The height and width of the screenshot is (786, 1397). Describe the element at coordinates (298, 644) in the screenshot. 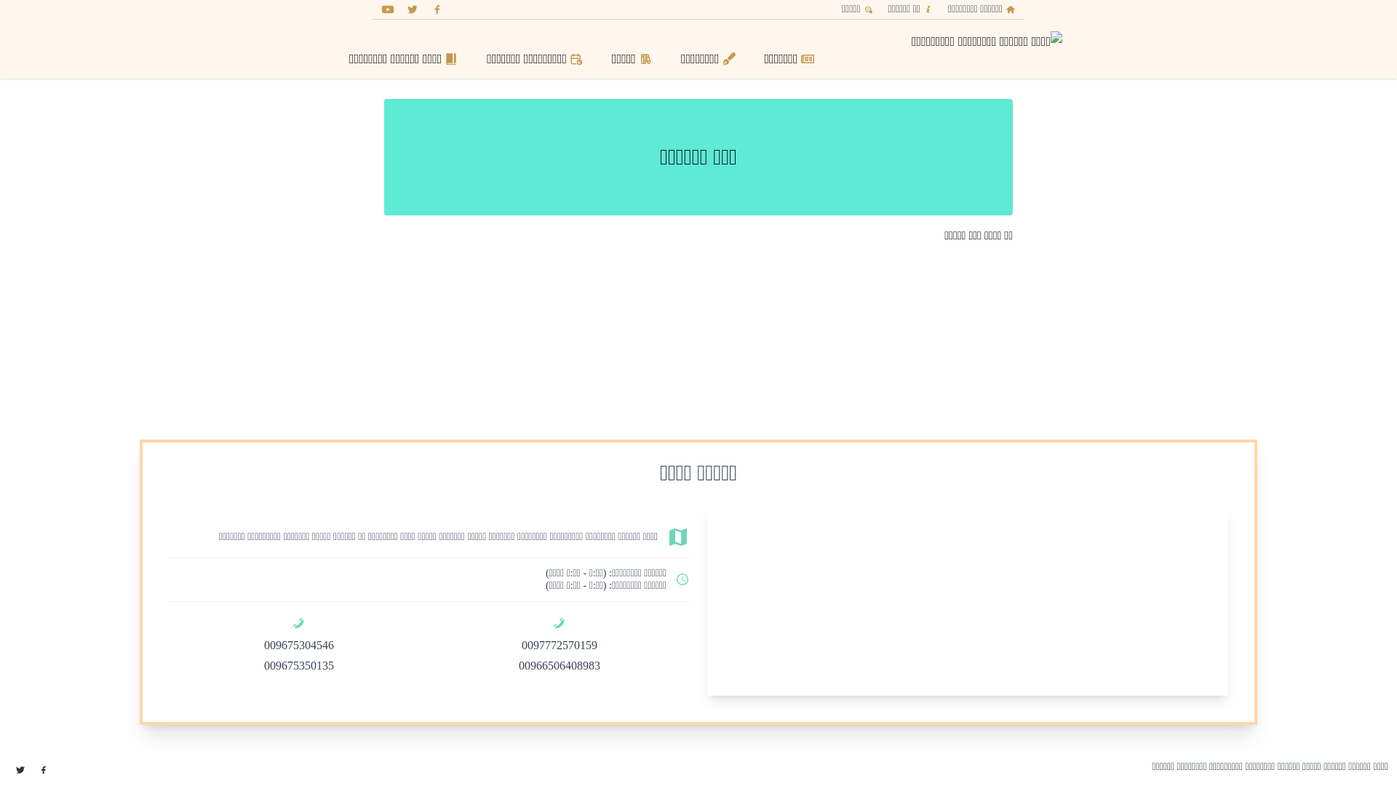

I see `'009675304546'` at that location.